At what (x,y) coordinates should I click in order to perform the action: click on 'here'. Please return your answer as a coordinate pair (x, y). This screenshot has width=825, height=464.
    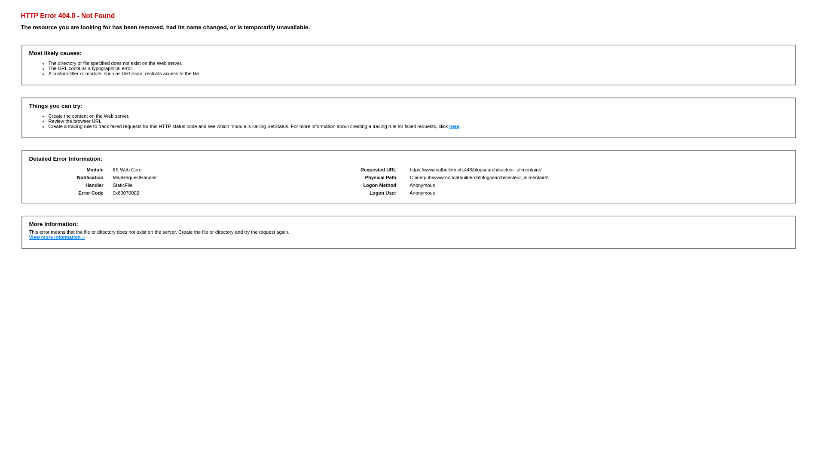
    Looking at the image, I should click on (454, 126).